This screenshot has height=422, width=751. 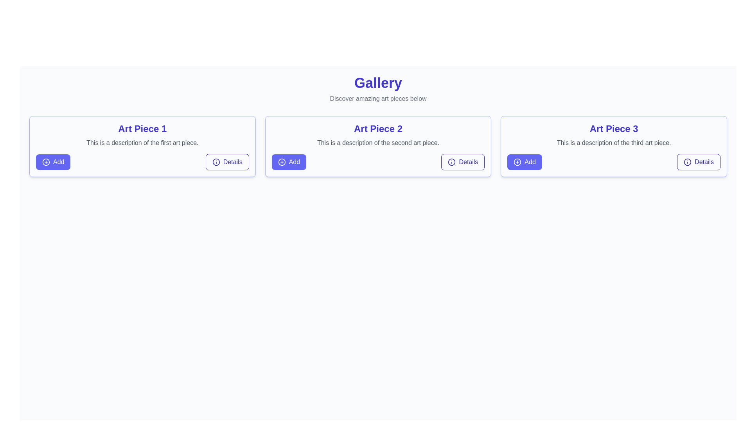 What do you see at coordinates (216, 162) in the screenshot?
I see `the decorative SVG circle shape that represents an information symbol adjacent to the 'Details' label within the 'Details' button of the 'Art Piece 1' card` at bounding box center [216, 162].